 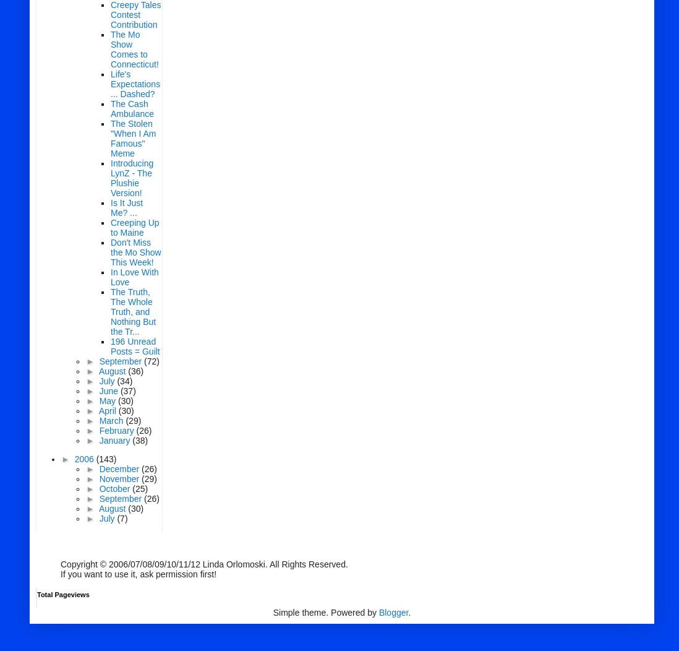 I want to click on 'June', so click(x=109, y=391).